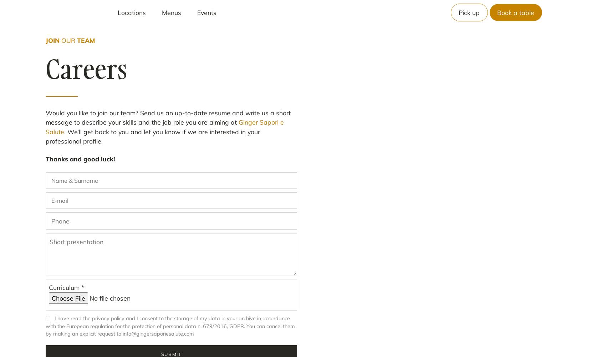 Image resolution: width=607 pixels, height=357 pixels. I want to click on 'Pick up', so click(469, 12).